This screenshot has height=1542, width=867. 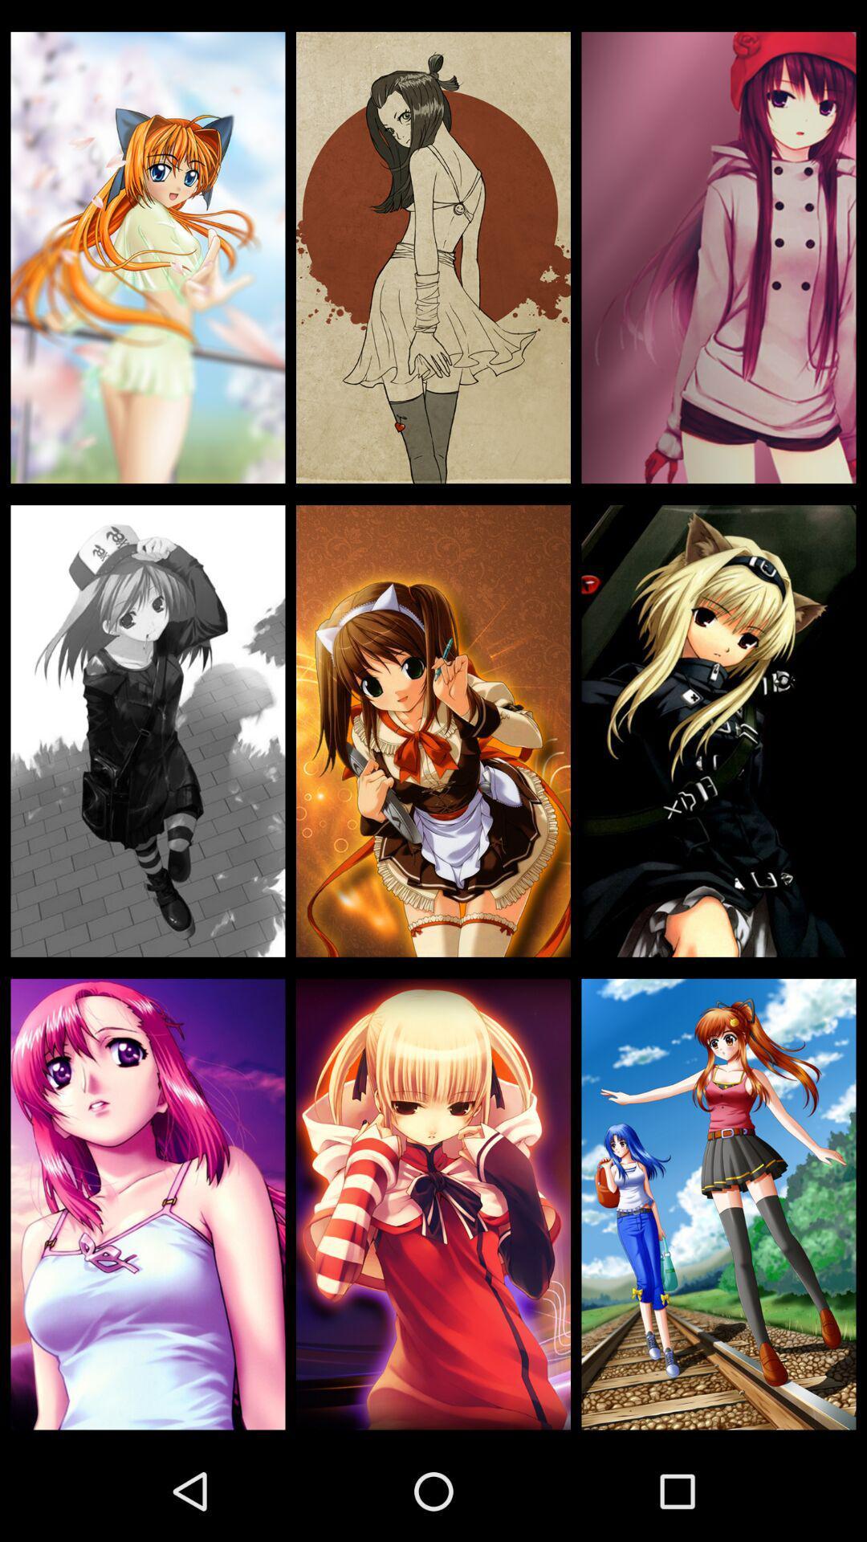 I want to click on image, so click(x=433, y=1204).